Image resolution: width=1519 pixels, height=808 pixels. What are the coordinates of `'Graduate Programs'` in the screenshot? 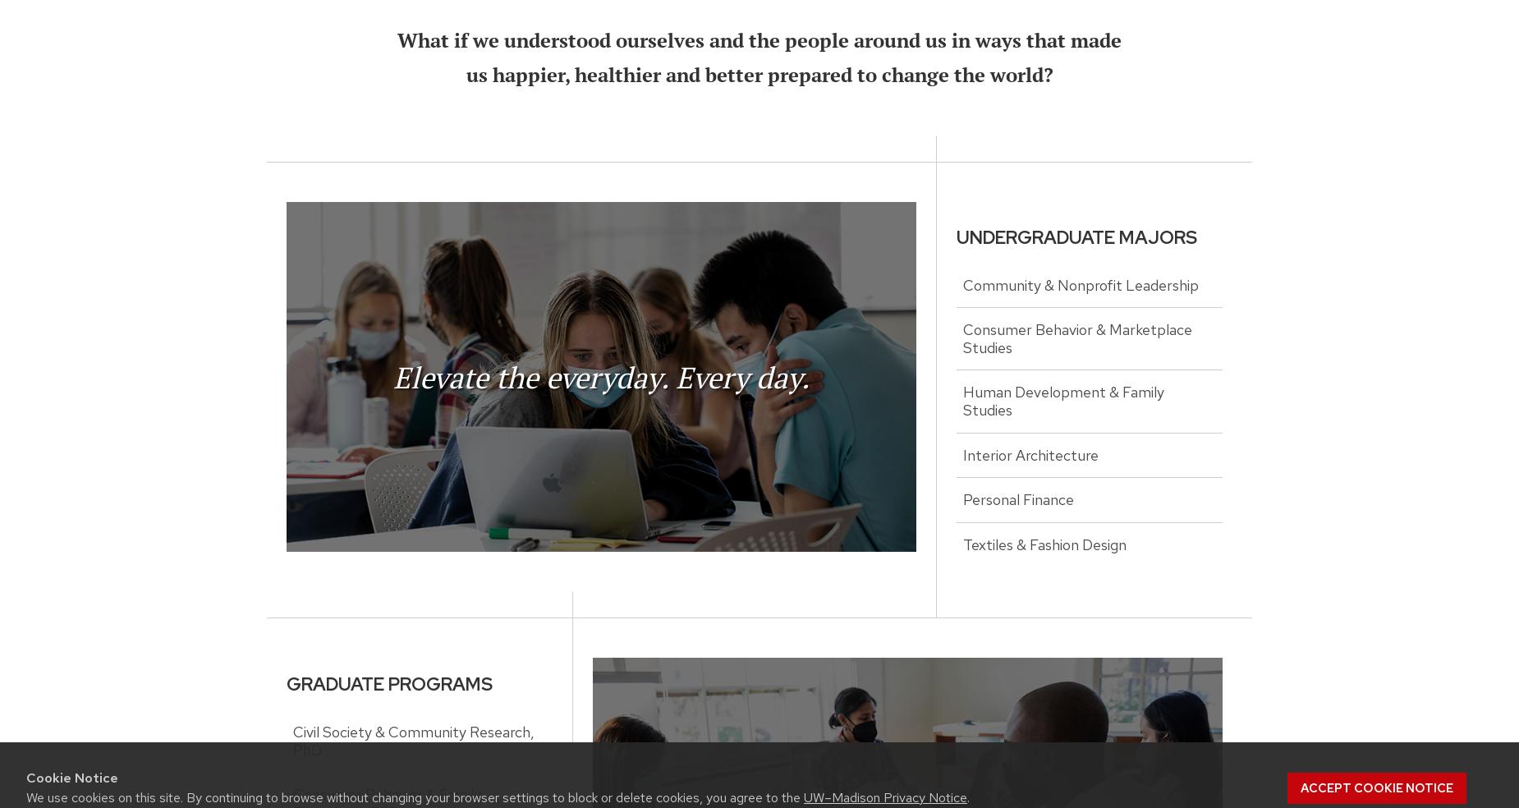 It's located at (389, 683).